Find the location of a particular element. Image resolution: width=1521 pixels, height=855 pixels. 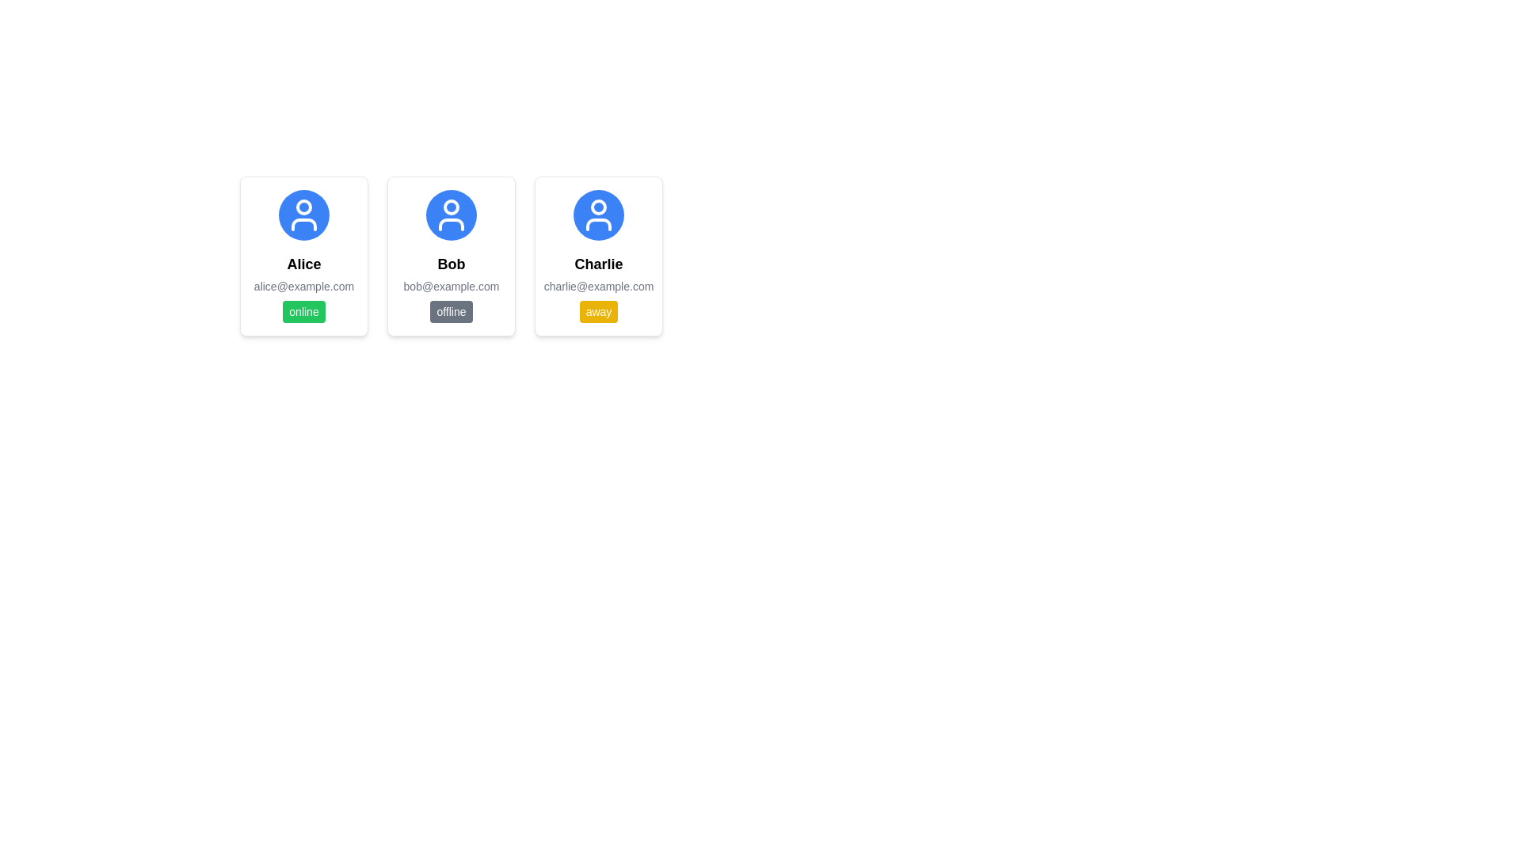

the upper circular region of the avatar icon representing 'Charlie' in the third card of the horizontal list is located at coordinates (597, 207).